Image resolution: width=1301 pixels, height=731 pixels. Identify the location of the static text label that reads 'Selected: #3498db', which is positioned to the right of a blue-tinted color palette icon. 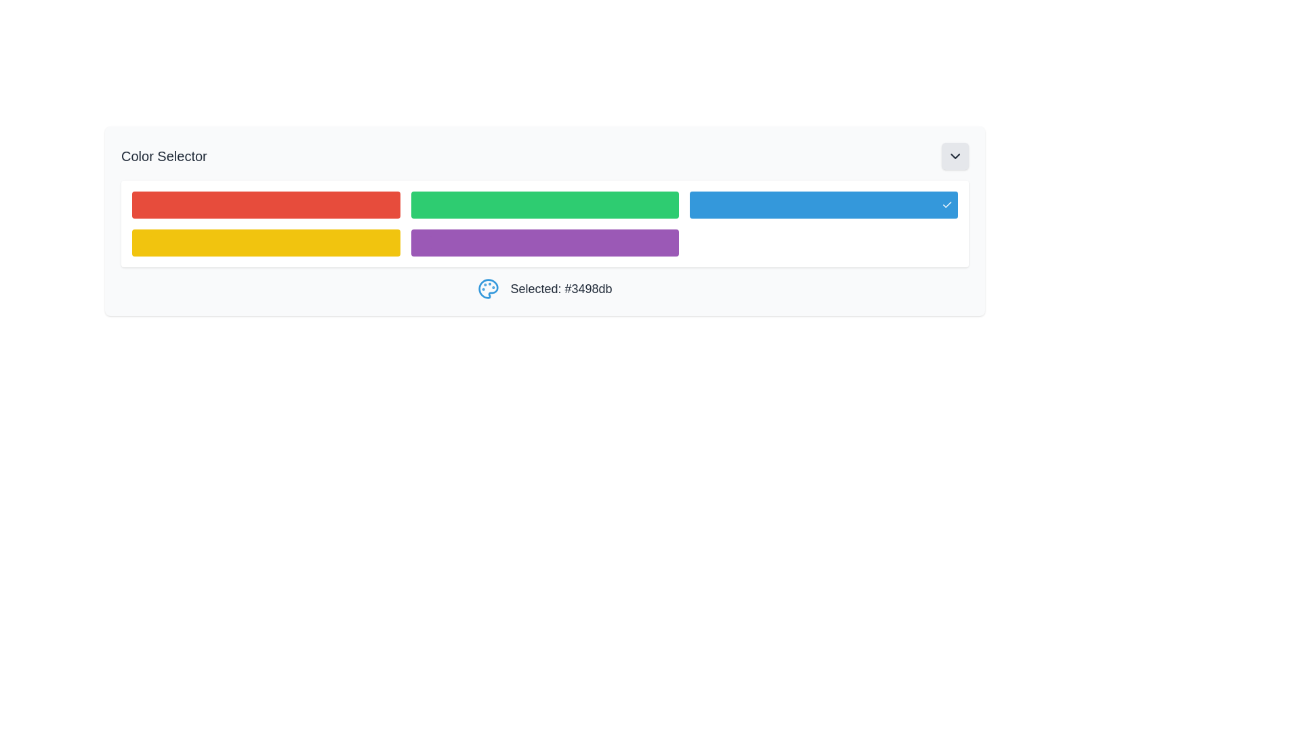
(561, 288).